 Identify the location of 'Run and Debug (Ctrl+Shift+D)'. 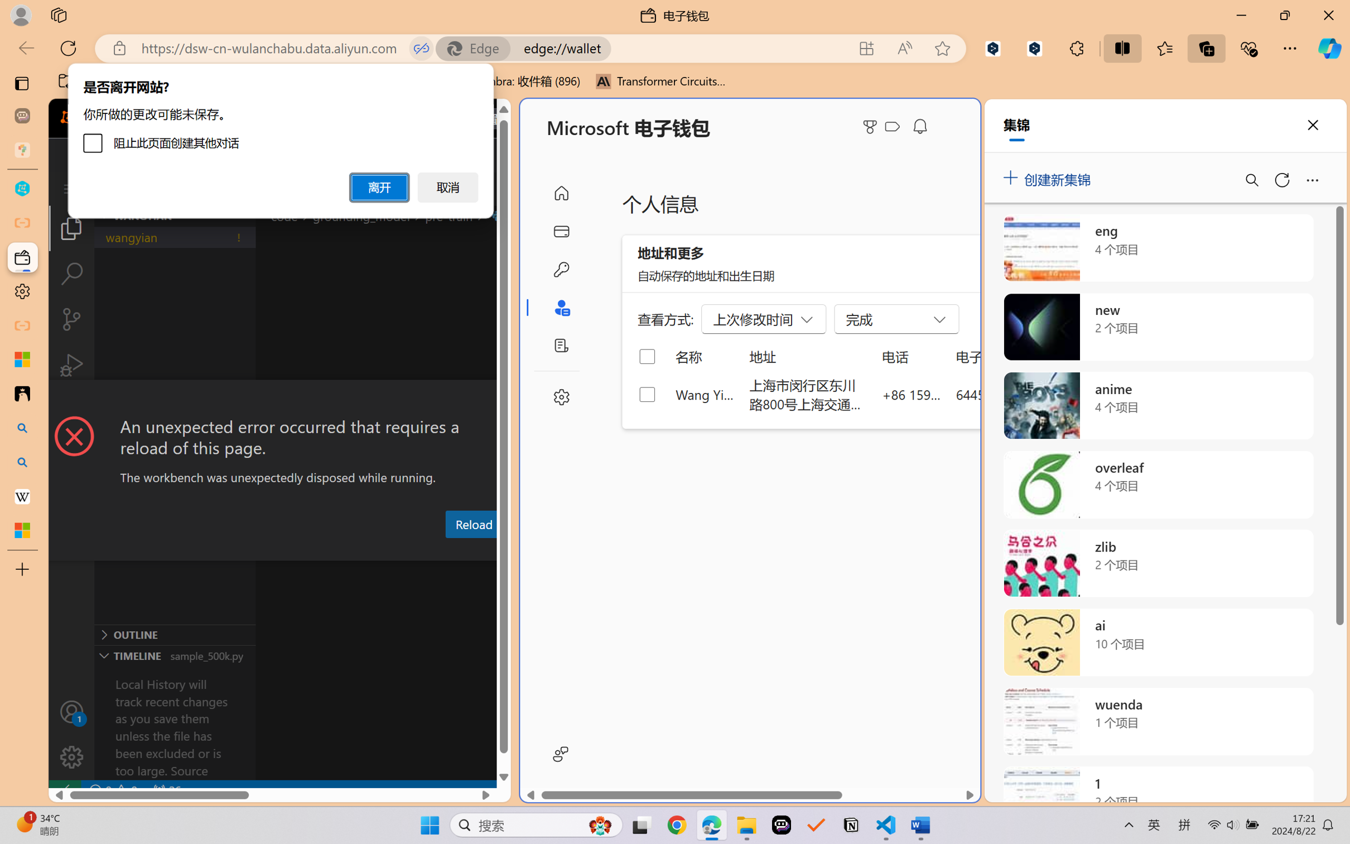
(71, 365).